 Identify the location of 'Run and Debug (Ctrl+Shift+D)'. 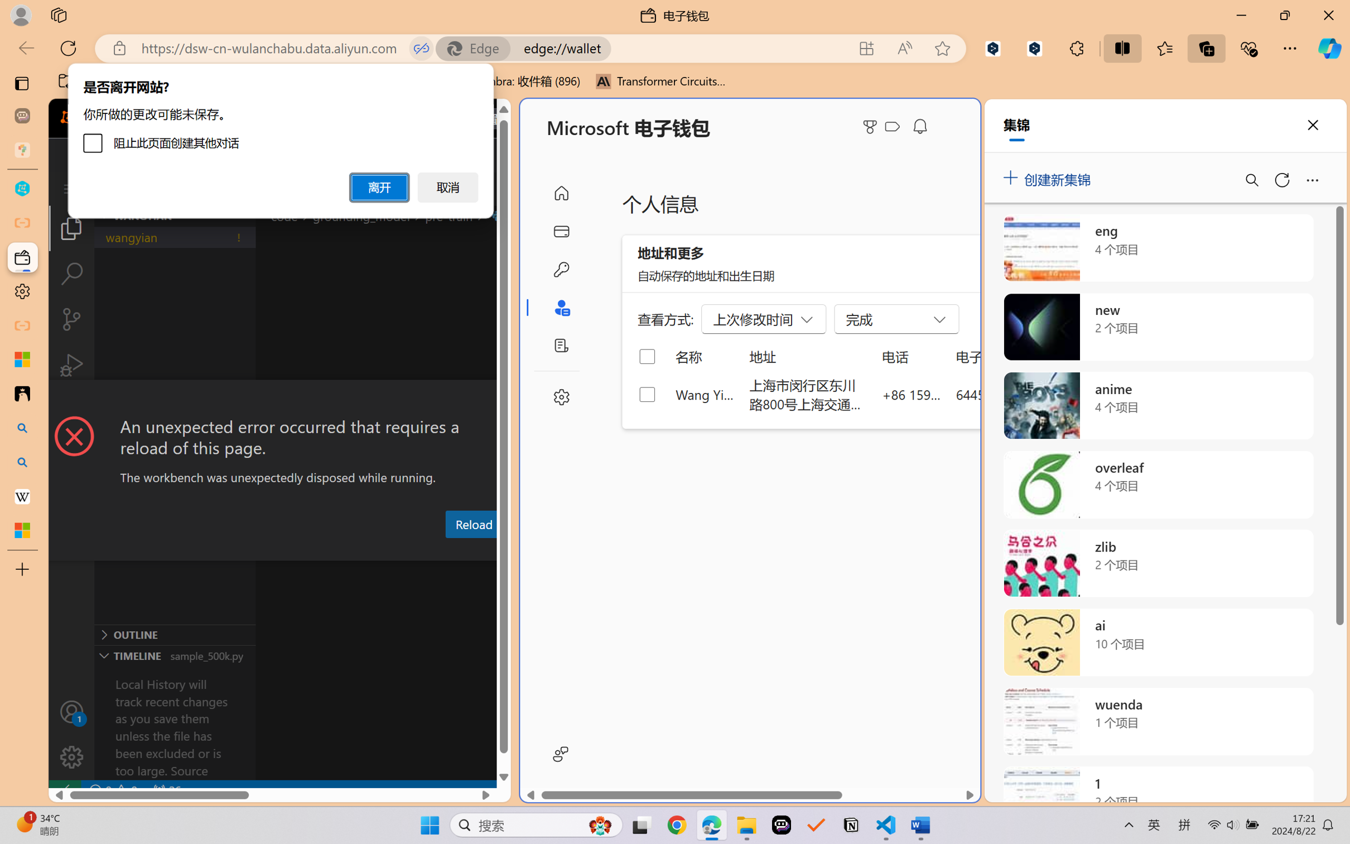
(71, 365).